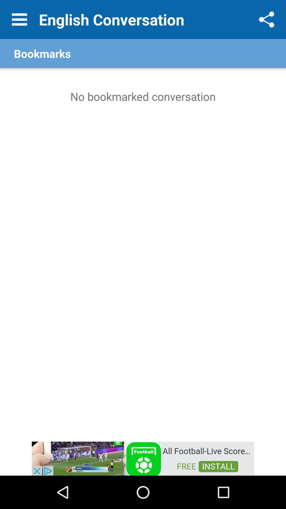 This screenshot has width=286, height=509. I want to click on banner, so click(143, 458).